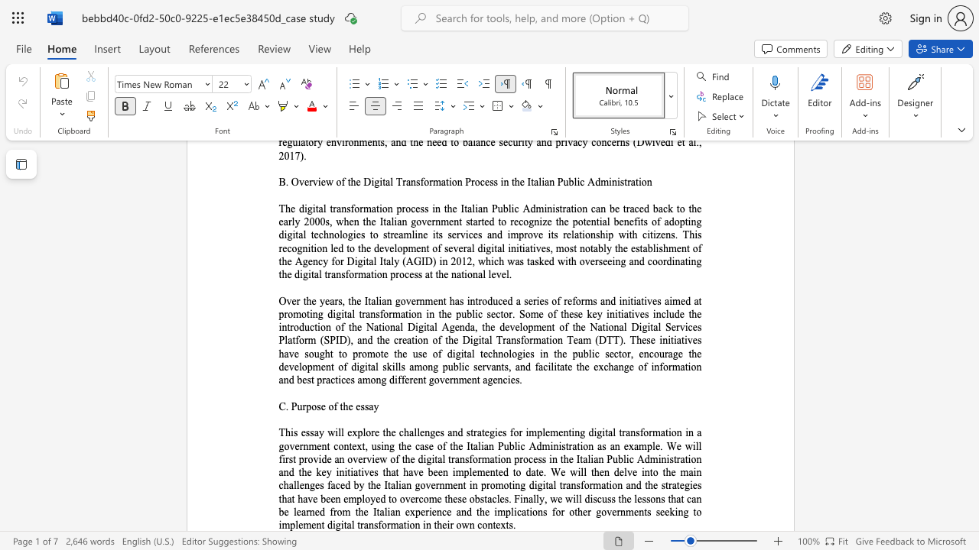  What do you see at coordinates (373, 524) in the screenshot?
I see `the subset text "sformation in their own" within the text "to implement digital transformation in their own contexts."` at bounding box center [373, 524].